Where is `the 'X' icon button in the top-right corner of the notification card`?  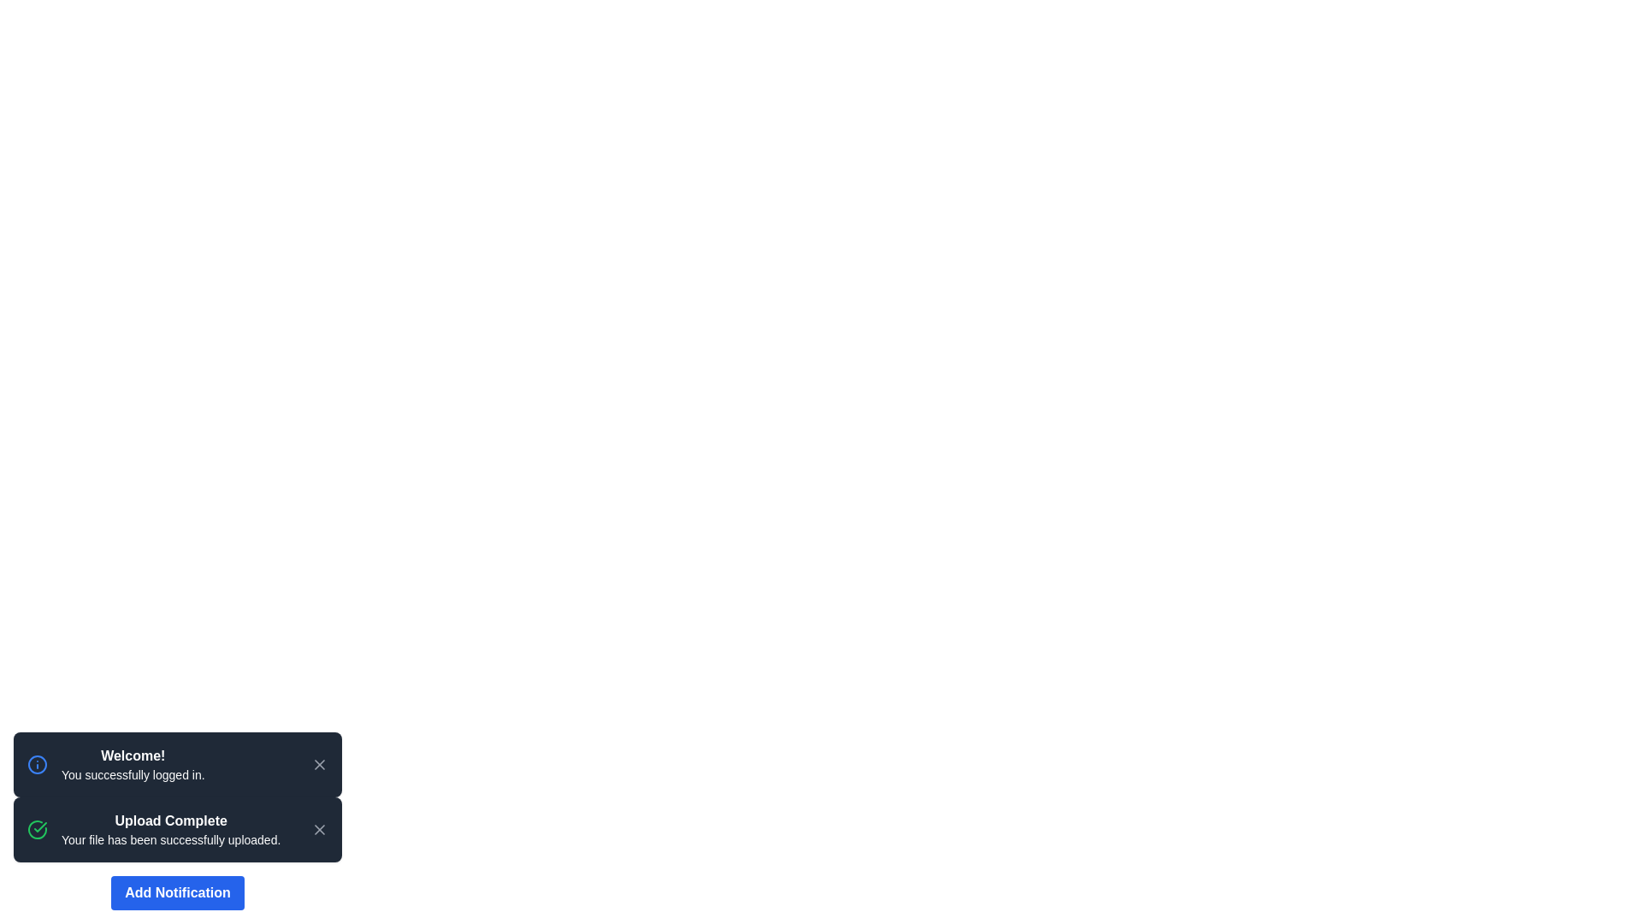
the 'X' icon button in the top-right corner of the notification card is located at coordinates (320, 828).